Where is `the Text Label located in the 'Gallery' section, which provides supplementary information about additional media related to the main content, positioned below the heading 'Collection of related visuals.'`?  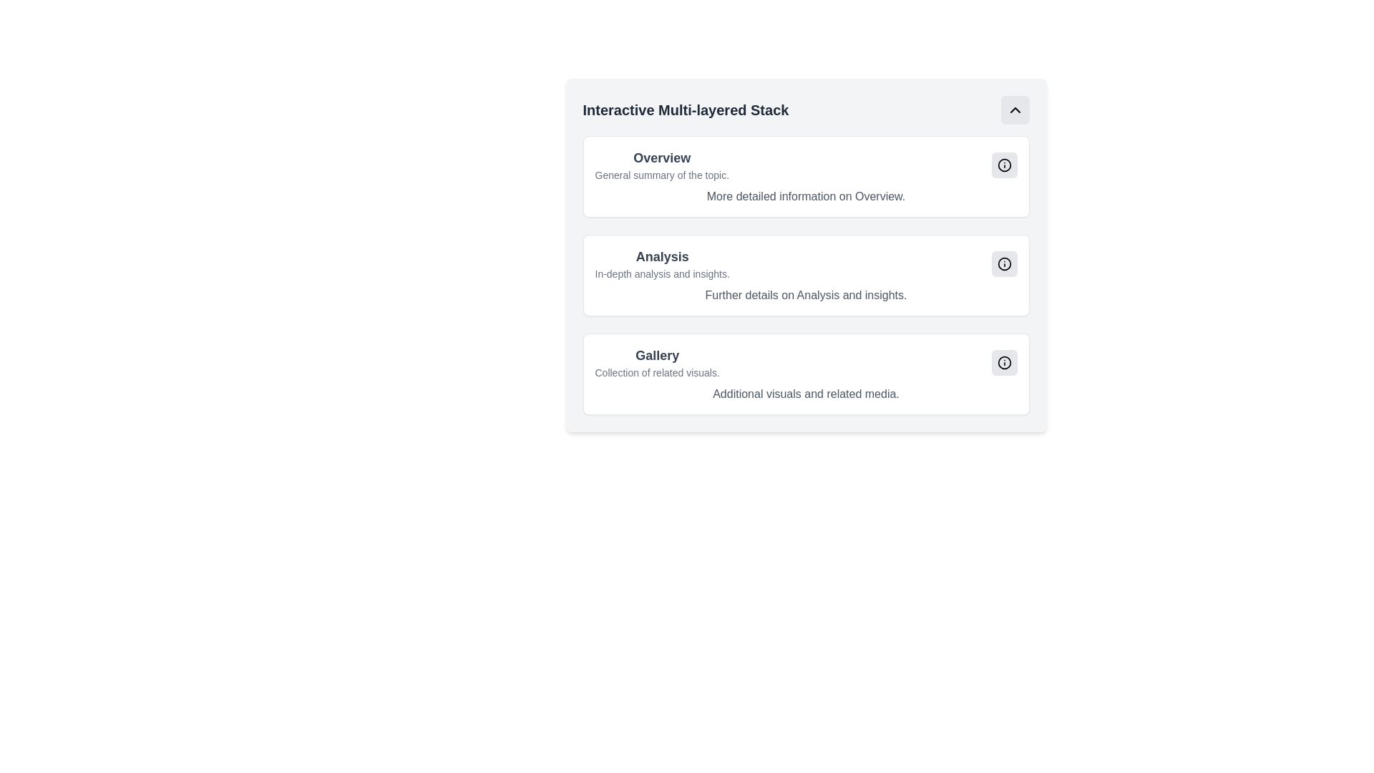 the Text Label located in the 'Gallery' section, which provides supplementary information about additional media related to the main content, positioned below the heading 'Collection of related visuals.' is located at coordinates (806, 394).